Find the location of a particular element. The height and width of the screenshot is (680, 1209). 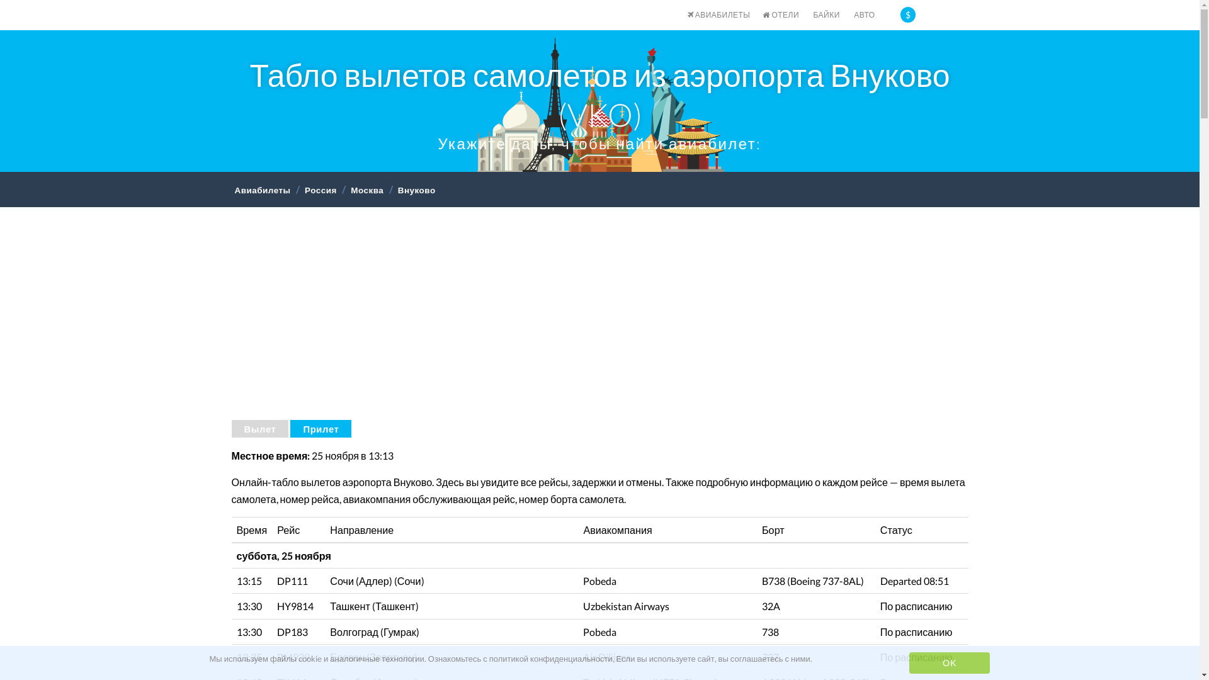

'OK' is located at coordinates (950, 662).